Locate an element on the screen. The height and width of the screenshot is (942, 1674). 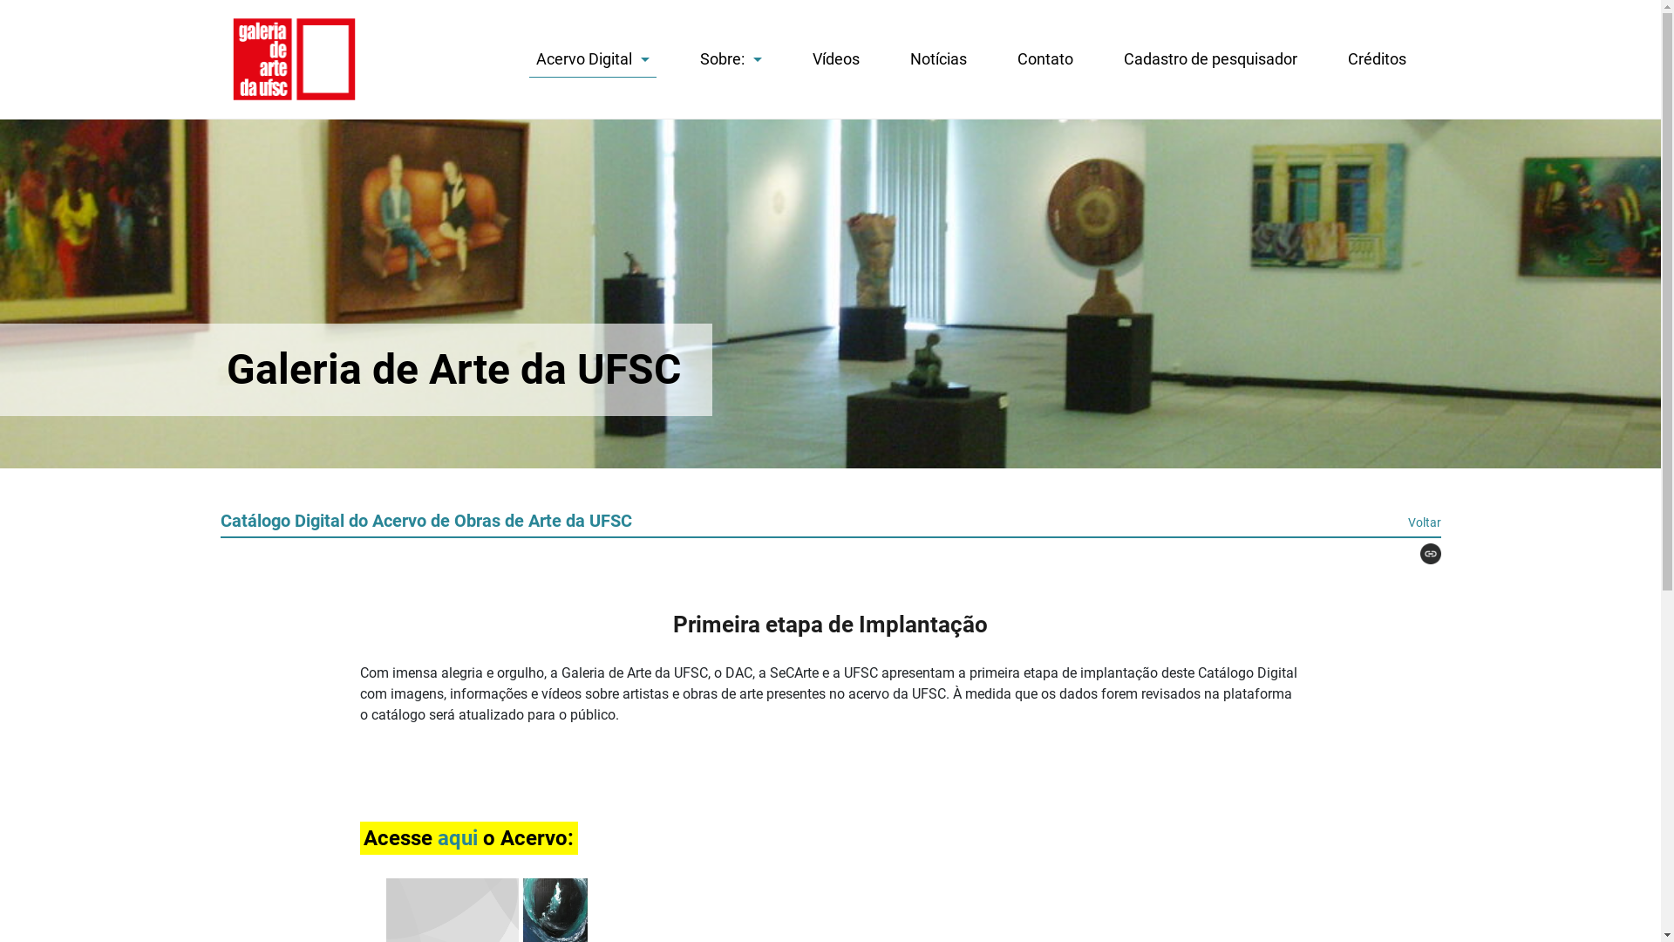
'Acervo Digital' is located at coordinates (591, 62).